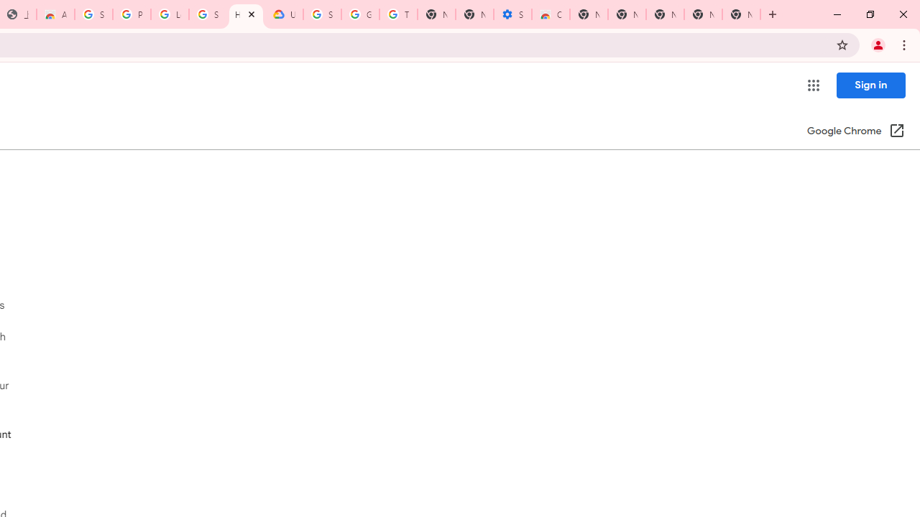 This screenshot has width=920, height=517. I want to click on 'Chrome Web Store - Accessibility extensions', so click(550, 14).